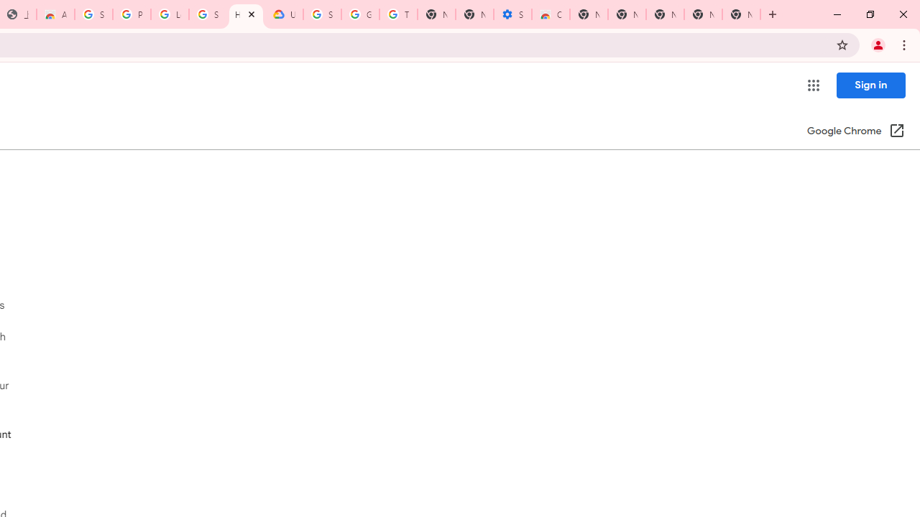 This screenshot has width=920, height=517. I want to click on 'Chrome Web Store - Accessibility extensions', so click(550, 14).